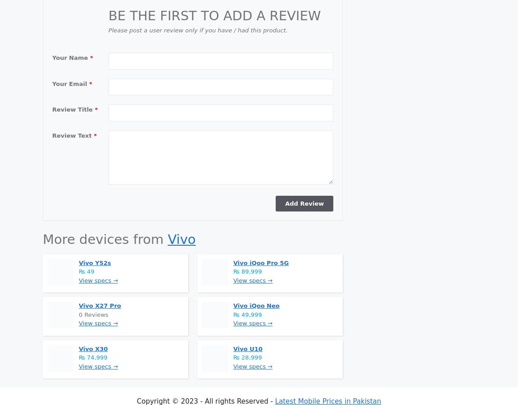 The width and height of the screenshot is (518, 405). I want to click on '₨ 89,999', so click(247, 271).